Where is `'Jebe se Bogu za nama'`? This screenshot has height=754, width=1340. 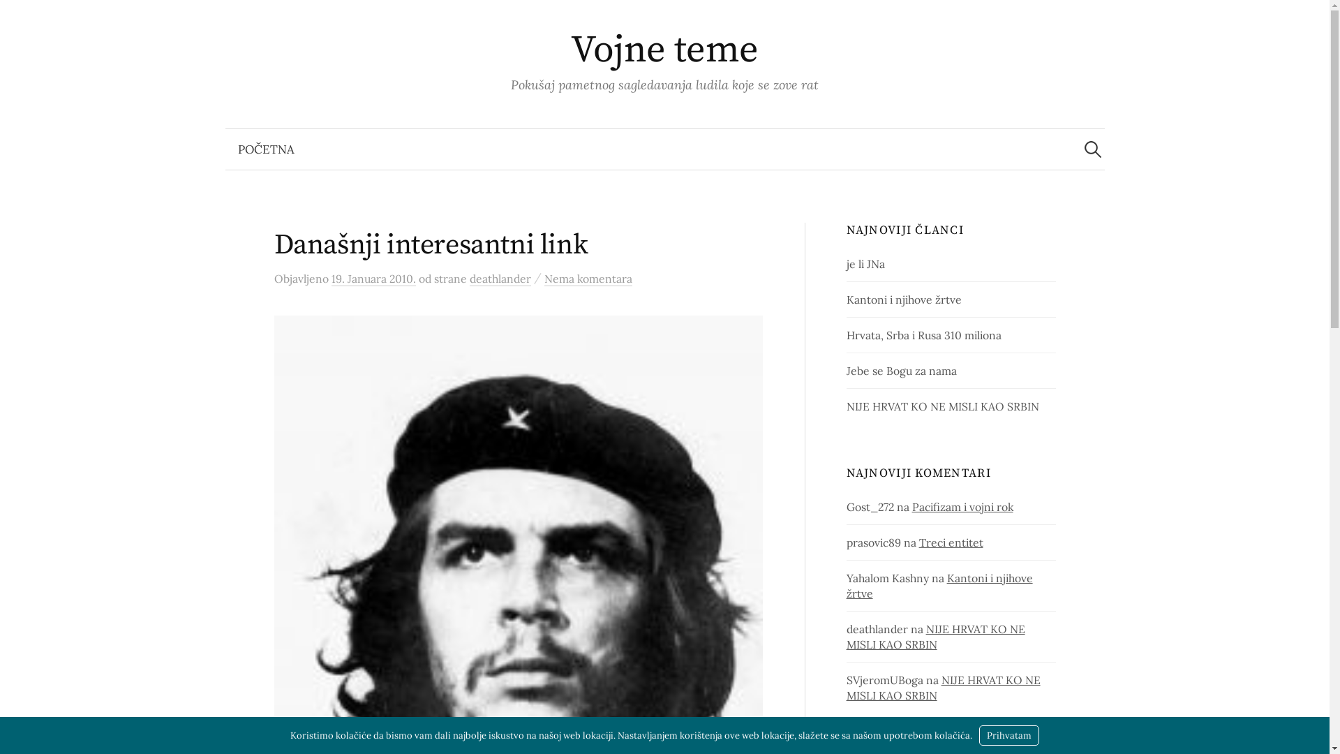 'Jebe se Bogu za nama' is located at coordinates (846, 370).